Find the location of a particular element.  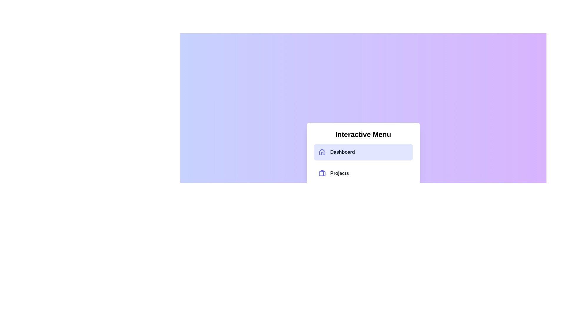

the menu item corresponding to Dashboard is located at coordinates (363, 152).